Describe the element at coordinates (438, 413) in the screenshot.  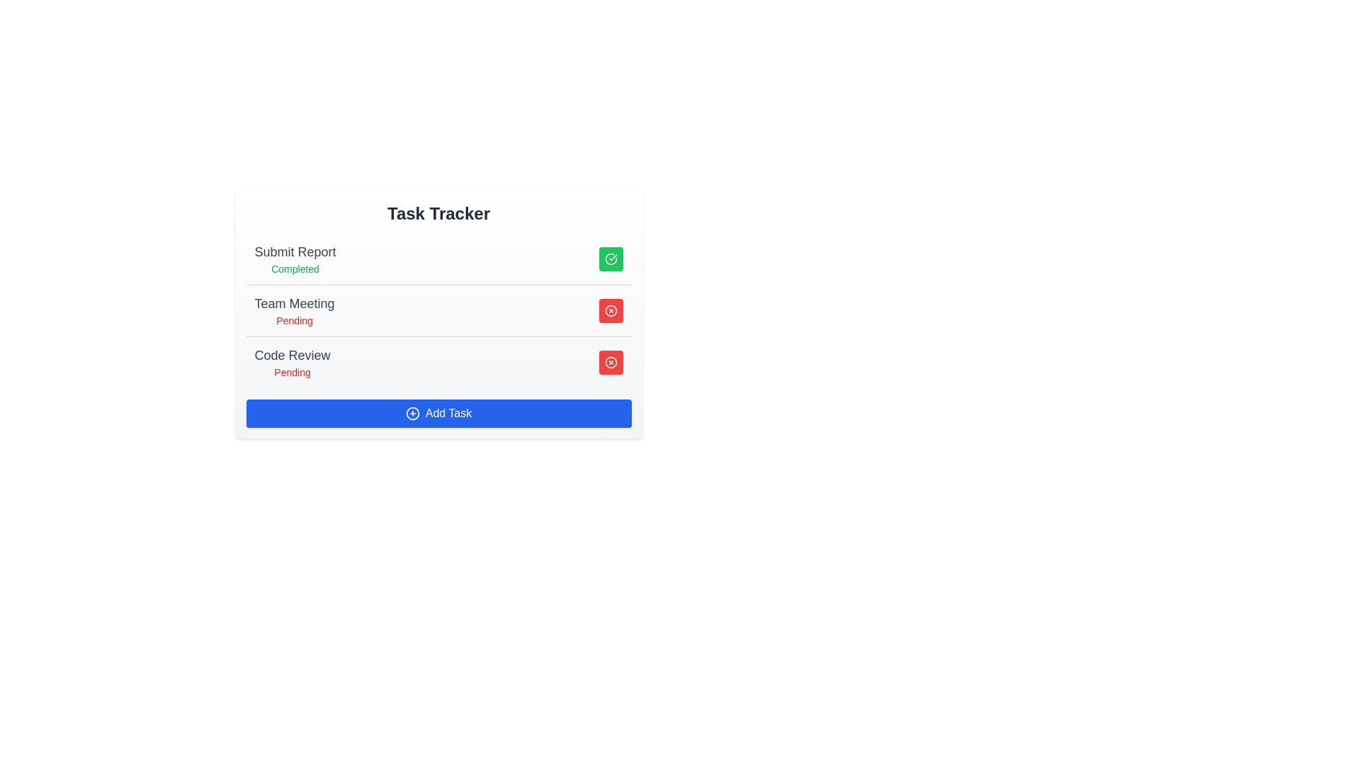
I see `the rectangular button with a blue background and white text reading 'Add Task,' located at the bottom of the 'Task Tracker' section, to initiate adding a task` at that location.